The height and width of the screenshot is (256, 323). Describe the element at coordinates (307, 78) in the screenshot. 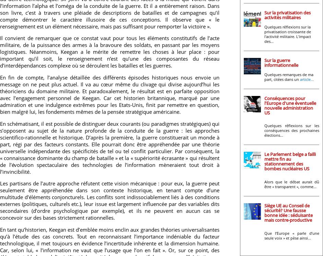

I see `'article...'` at that location.